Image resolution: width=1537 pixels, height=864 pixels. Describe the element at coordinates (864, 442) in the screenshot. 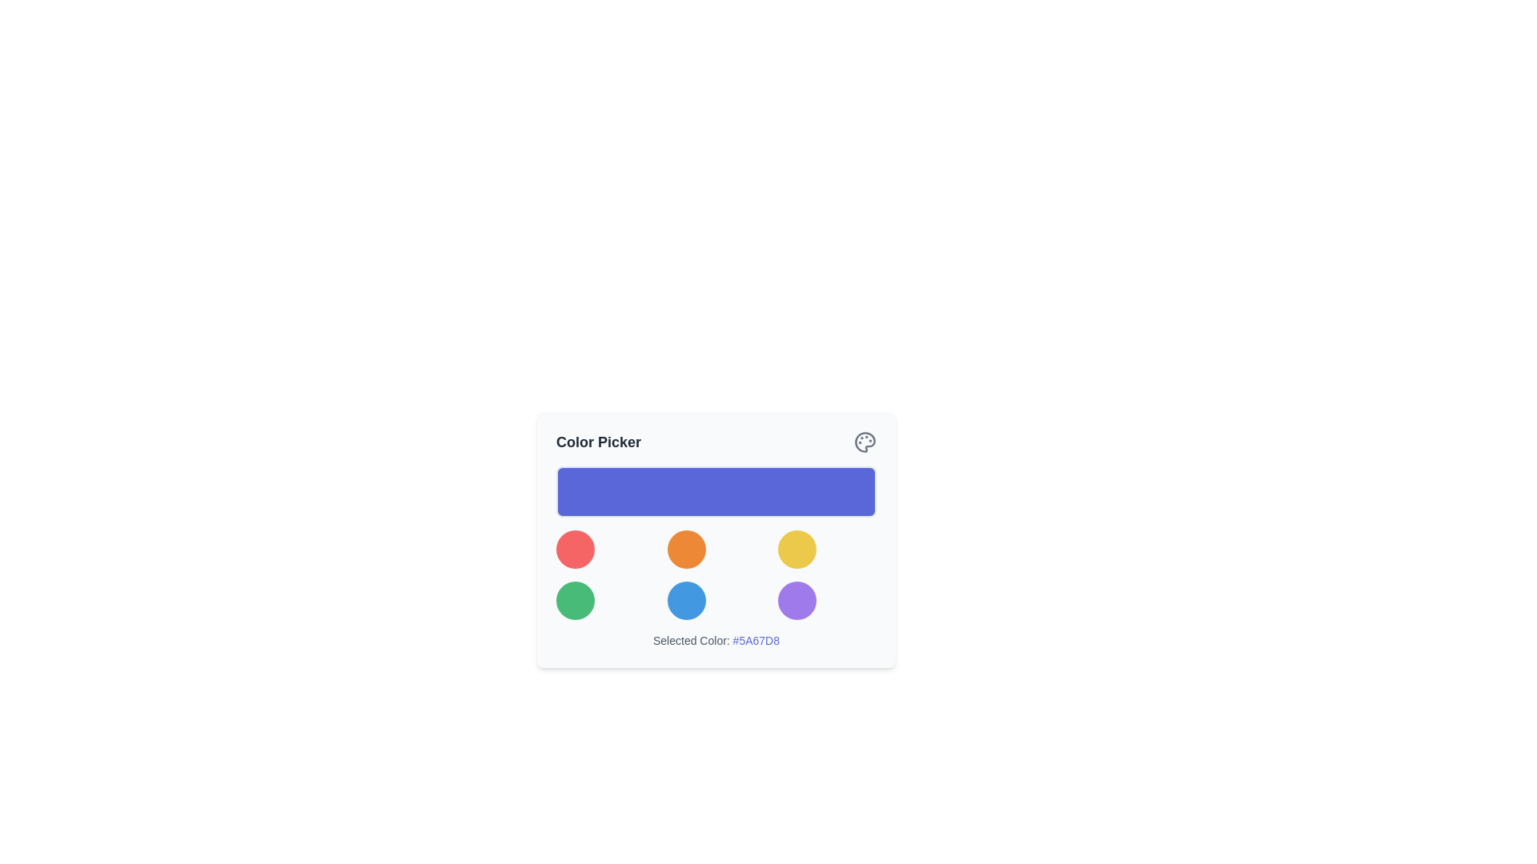

I see `the circular icon resembling a painter's palette` at that location.